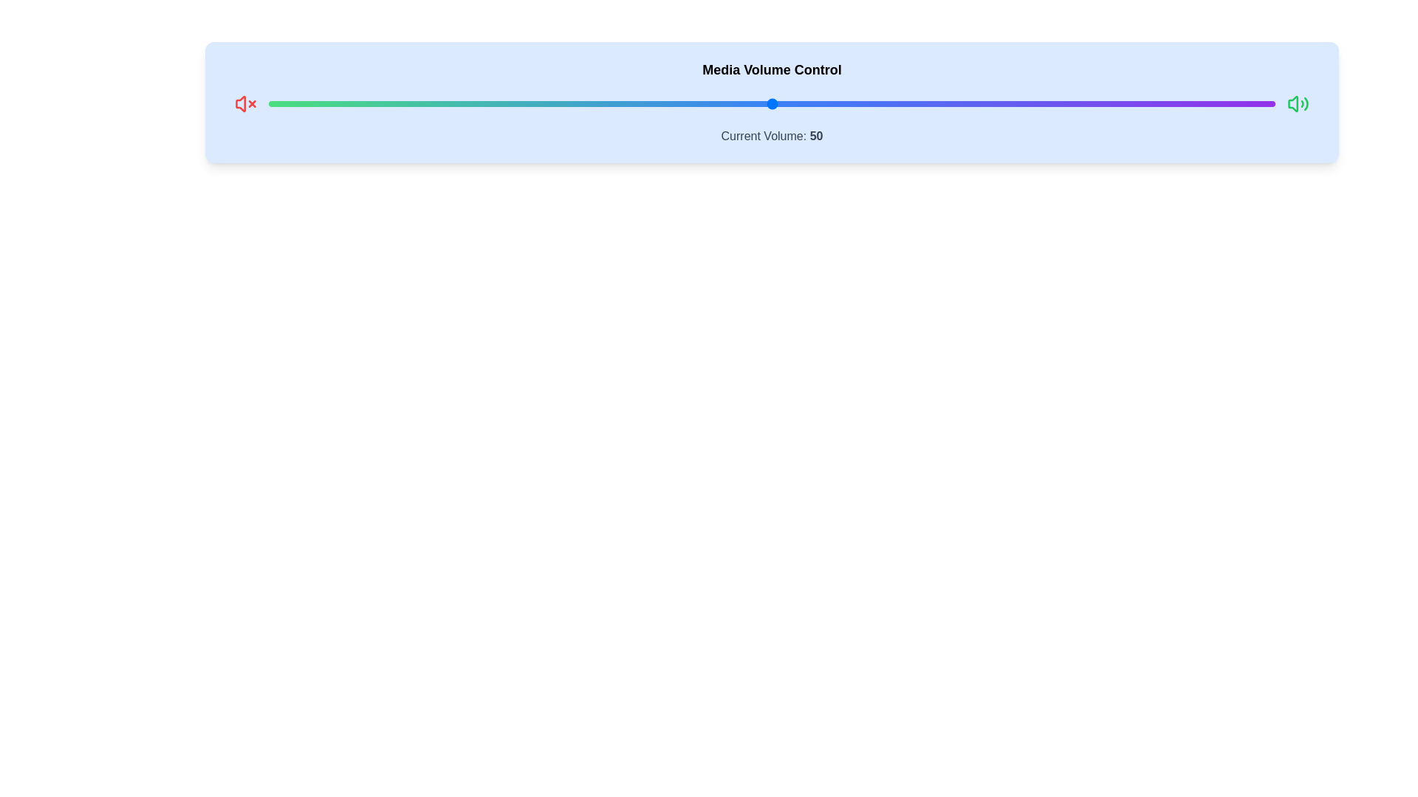  Describe the element at coordinates (1297, 103) in the screenshot. I see `the loudspeaker icon to explore its response` at that location.